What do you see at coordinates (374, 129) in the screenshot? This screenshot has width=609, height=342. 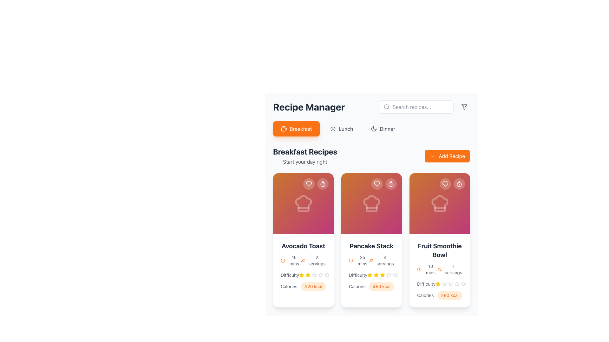 I see `the crescent moon icon located in the header area, associated with category selection for 'Breakfast', 'Lunch', or 'Dinner'` at bounding box center [374, 129].